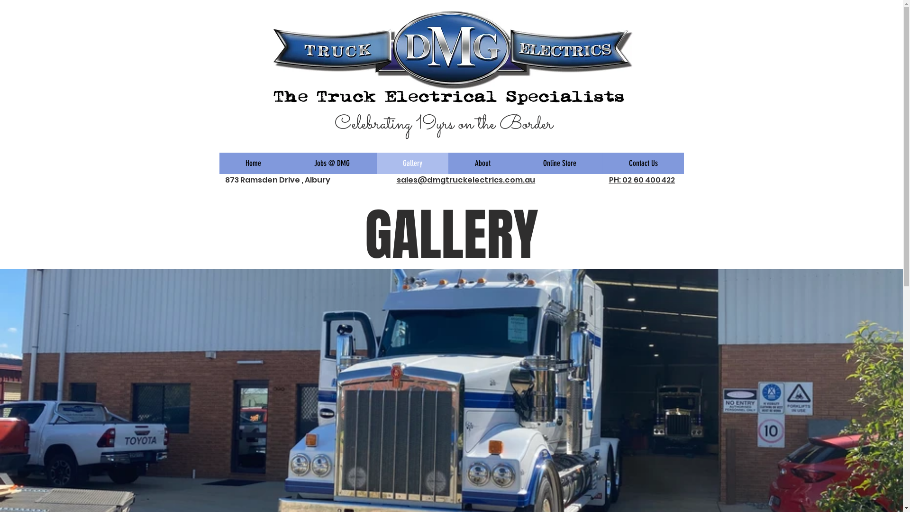 The height and width of the screenshot is (512, 910). Describe the element at coordinates (465, 179) in the screenshot. I see `'sales@dmgtruckelectrics.com.au'` at that location.